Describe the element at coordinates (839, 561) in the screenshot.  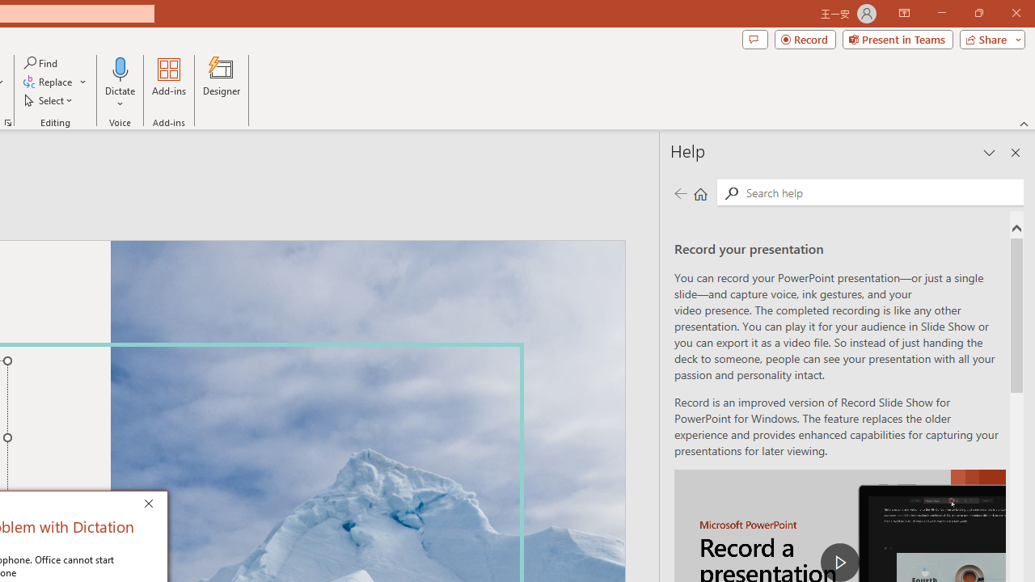
I see `'play Record a Presentation'` at that location.